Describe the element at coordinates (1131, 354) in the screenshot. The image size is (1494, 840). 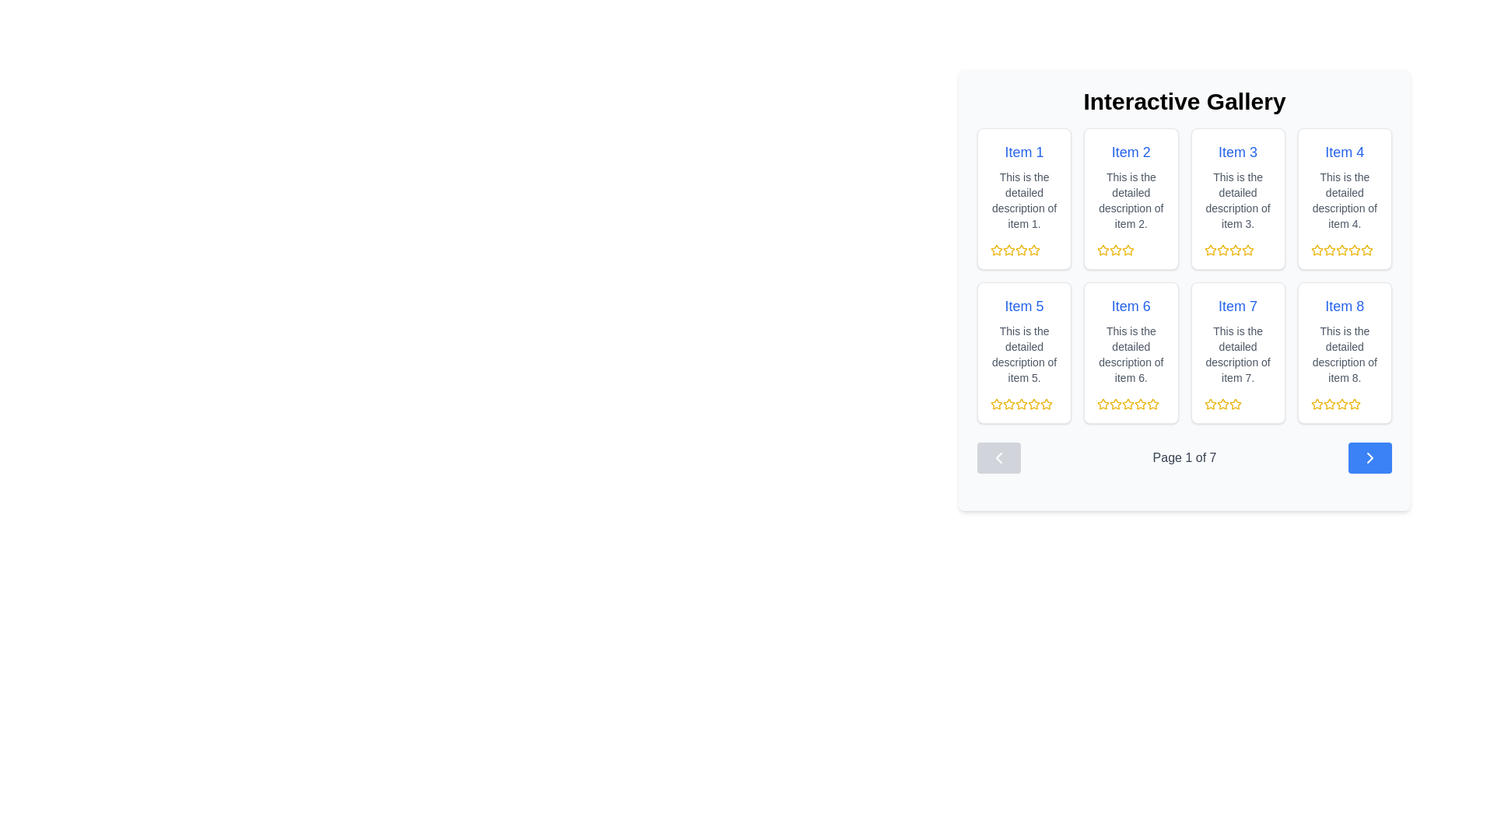
I see `the text label displaying 'This is the detailed description of item 6.' which is located below the title 'Item 6' and above a row of icons` at that location.